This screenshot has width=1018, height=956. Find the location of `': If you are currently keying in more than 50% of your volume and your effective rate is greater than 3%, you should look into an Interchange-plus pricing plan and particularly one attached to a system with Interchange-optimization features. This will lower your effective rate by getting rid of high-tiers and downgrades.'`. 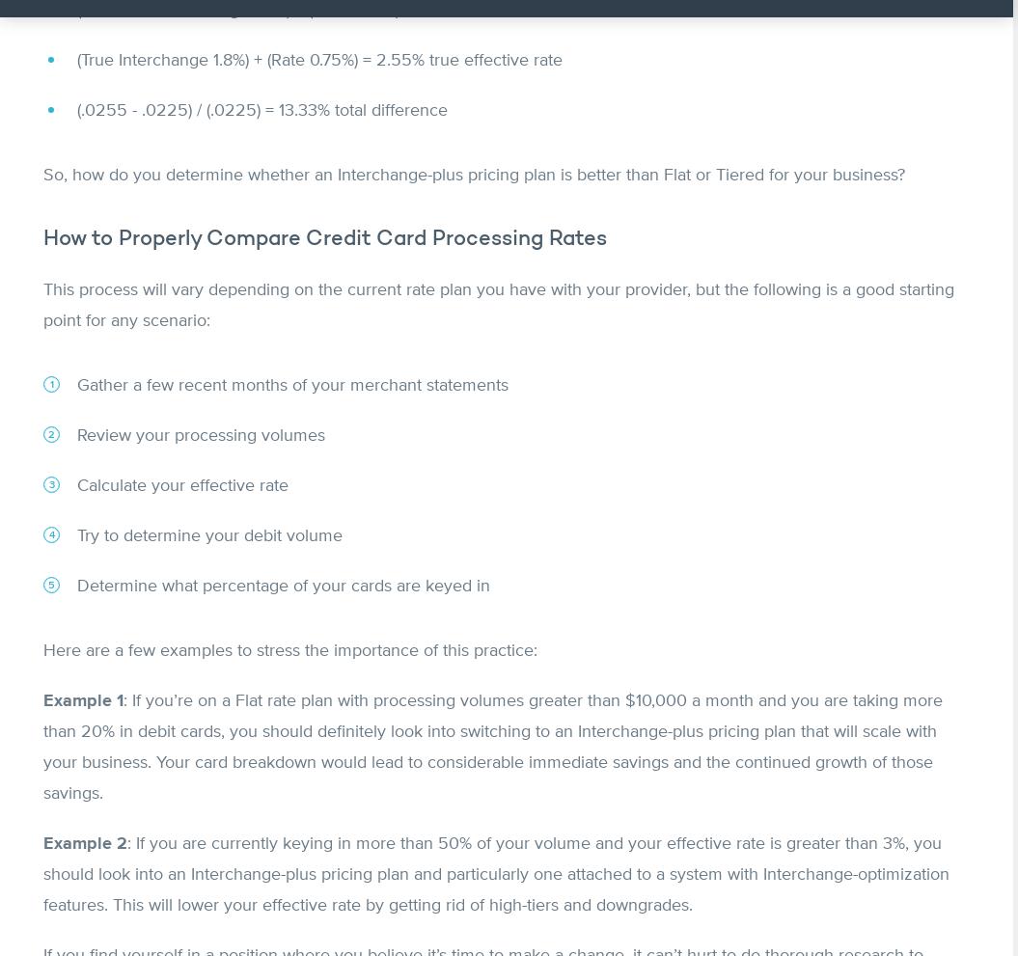

': If you are currently keying in more than 50% of your volume and your effective rate is greater than 3%, you should look into an Interchange-plus pricing plan and particularly one attached to a system with Interchange-optimization features. This will lower your effective rate by getting rid of high-tiers and downgrades.' is located at coordinates (496, 872).